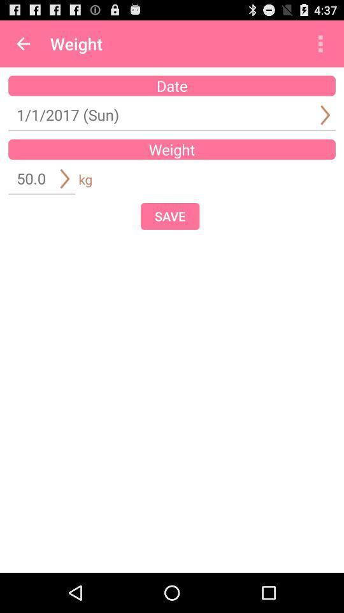  Describe the element at coordinates (320, 43) in the screenshot. I see `more option which is on the top right corner of the page` at that location.